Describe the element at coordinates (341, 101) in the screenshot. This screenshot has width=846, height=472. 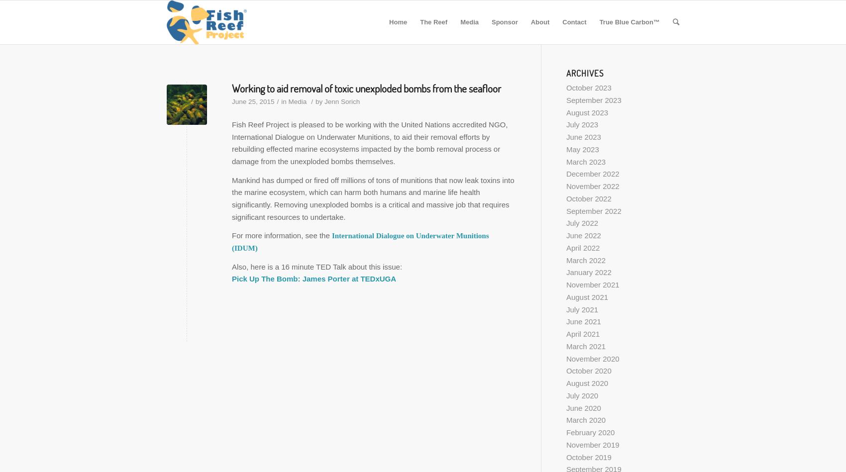
I see `'Jenn Sorich'` at that location.